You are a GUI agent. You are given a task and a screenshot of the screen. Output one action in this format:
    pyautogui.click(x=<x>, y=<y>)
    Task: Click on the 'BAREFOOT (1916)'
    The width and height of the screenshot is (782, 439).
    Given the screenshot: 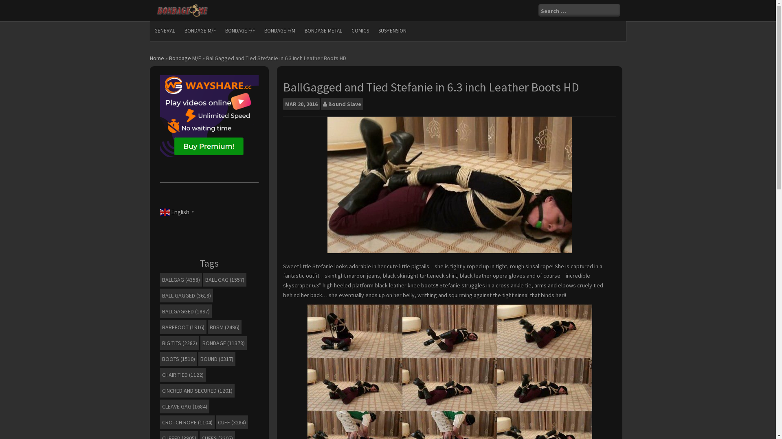 What is the action you would take?
    pyautogui.click(x=160, y=327)
    